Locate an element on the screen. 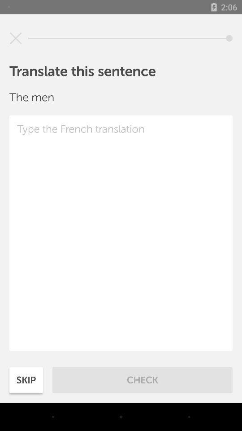 The width and height of the screenshot is (242, 431). the item above the translate this sentence item is located at coordinates (16, 38).